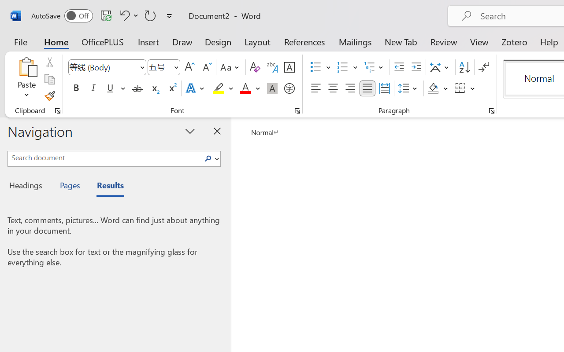 The image size is (564, 352). Describe the element at coordinates (182, 41) in the screenshot. I see `'Draw'` at that location.